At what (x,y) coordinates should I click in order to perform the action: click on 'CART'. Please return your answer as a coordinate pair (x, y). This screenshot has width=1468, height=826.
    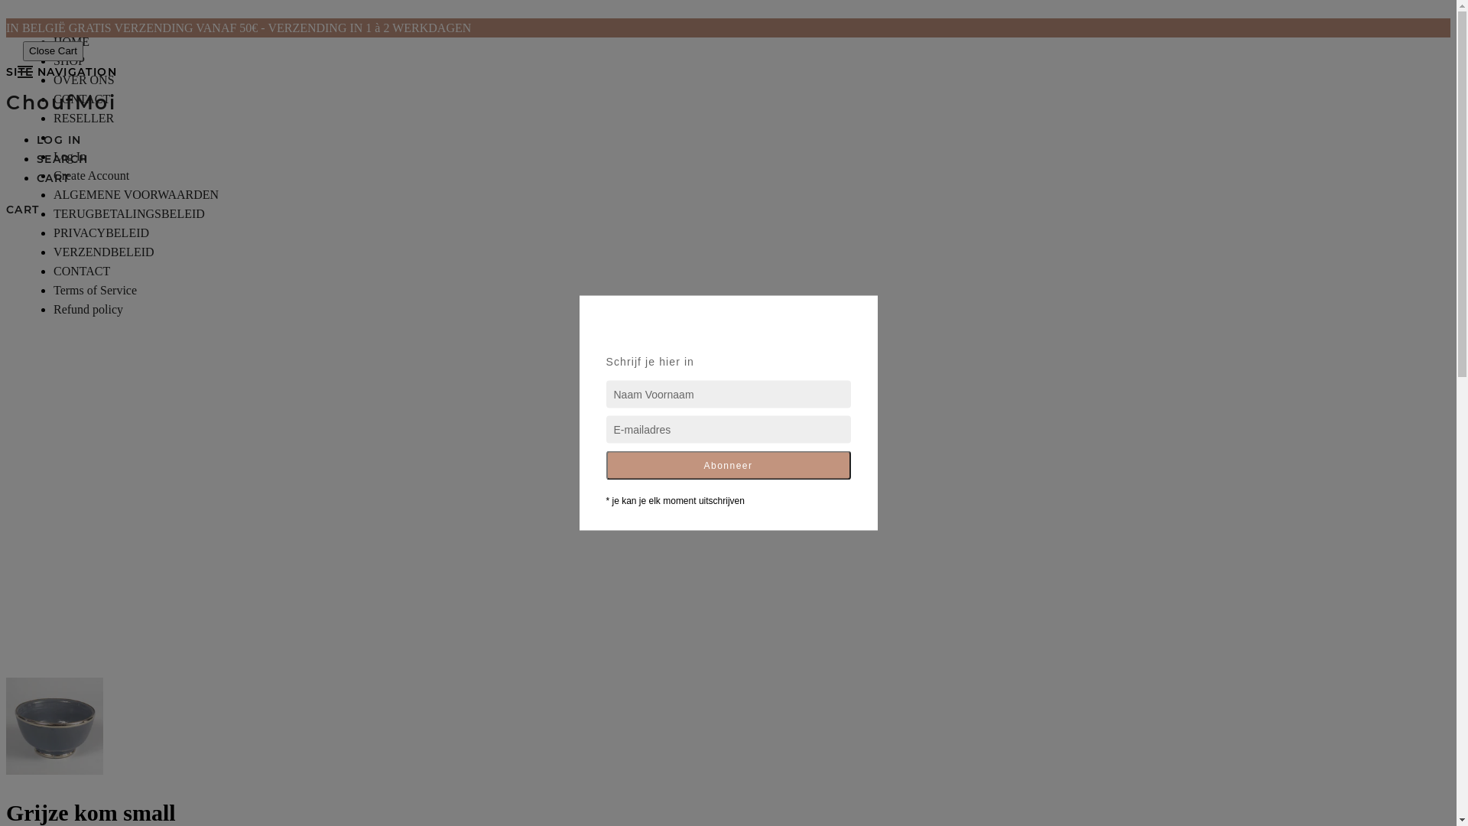
    Looking at the image, I should click on (54, 177).